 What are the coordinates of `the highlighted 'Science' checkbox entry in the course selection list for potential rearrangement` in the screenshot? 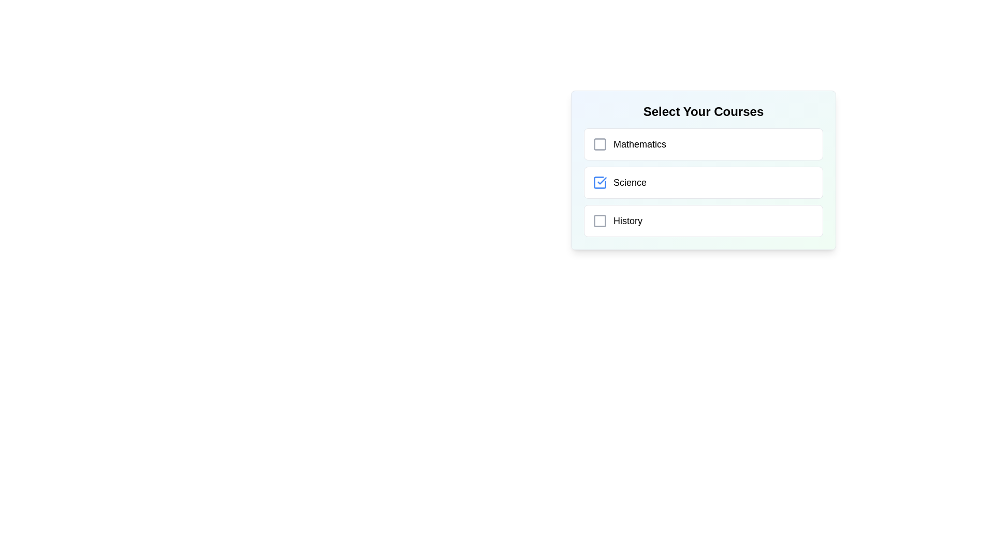 It's located at (703, 182).